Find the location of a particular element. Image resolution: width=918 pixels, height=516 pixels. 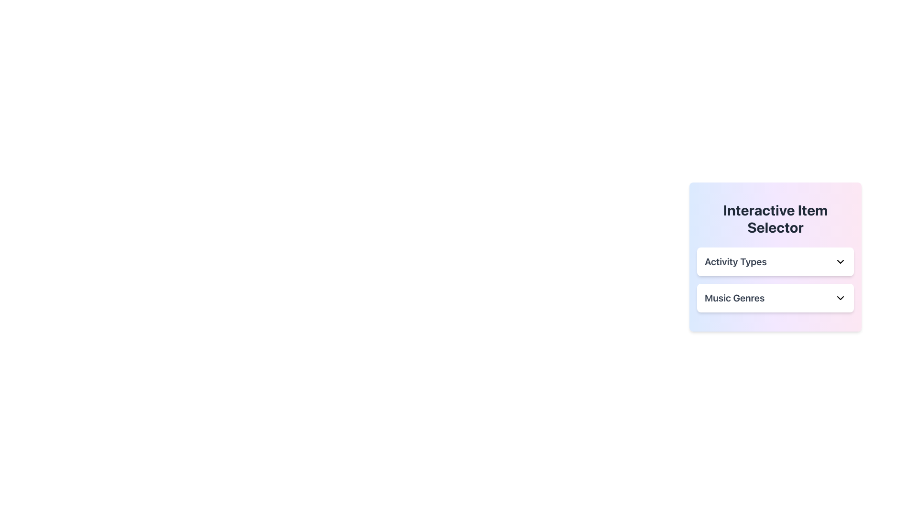

the downward-pointing chevron icon next to the 'Music Genres' label is located at coordinates (840, 298).